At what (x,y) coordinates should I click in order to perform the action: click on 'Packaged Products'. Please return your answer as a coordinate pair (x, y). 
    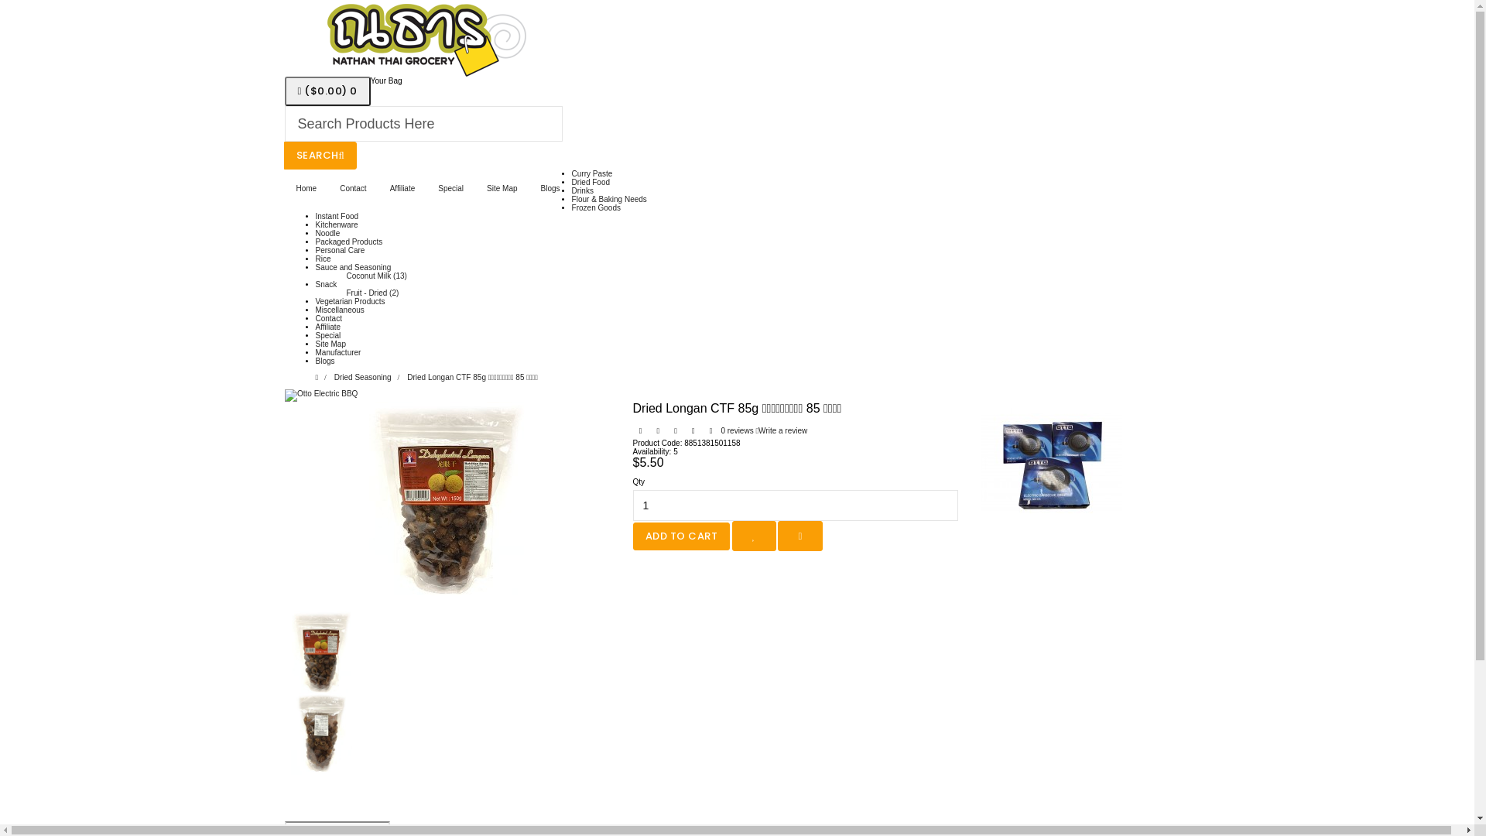
    Looking at the image, I should click on (348, 242).